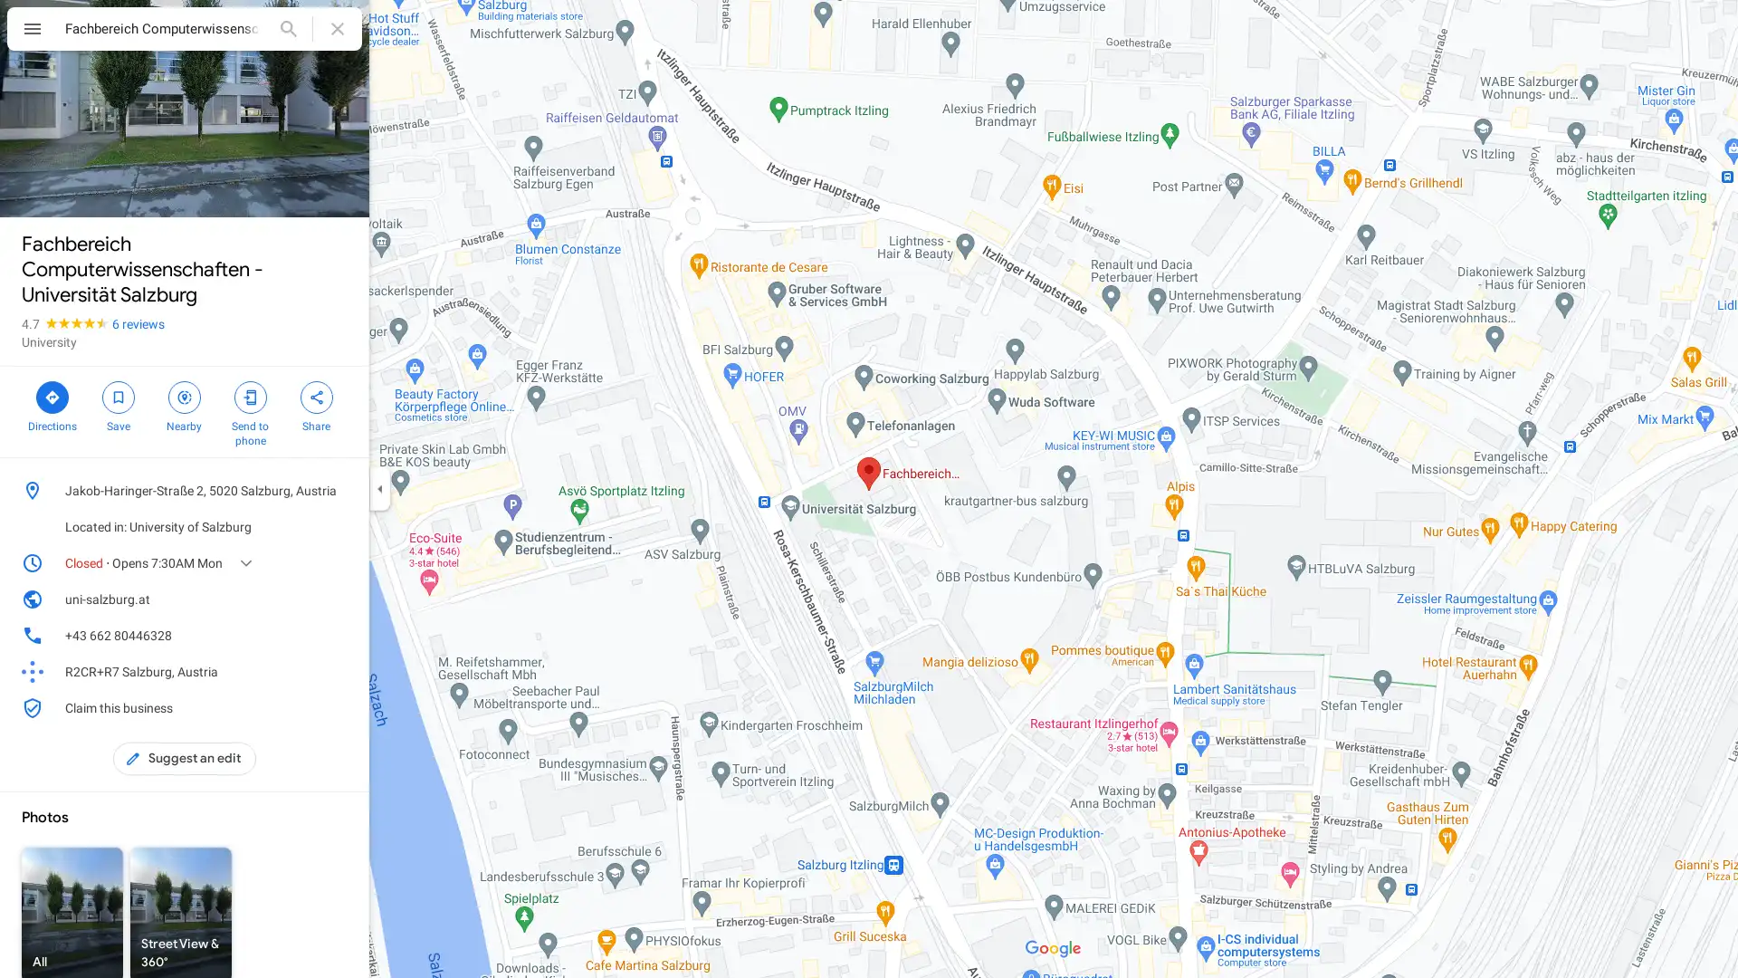  What do you see at coordinates (311, 671) in the screenshot?
I see `Copy plus code` at bounding box center [311, 671].